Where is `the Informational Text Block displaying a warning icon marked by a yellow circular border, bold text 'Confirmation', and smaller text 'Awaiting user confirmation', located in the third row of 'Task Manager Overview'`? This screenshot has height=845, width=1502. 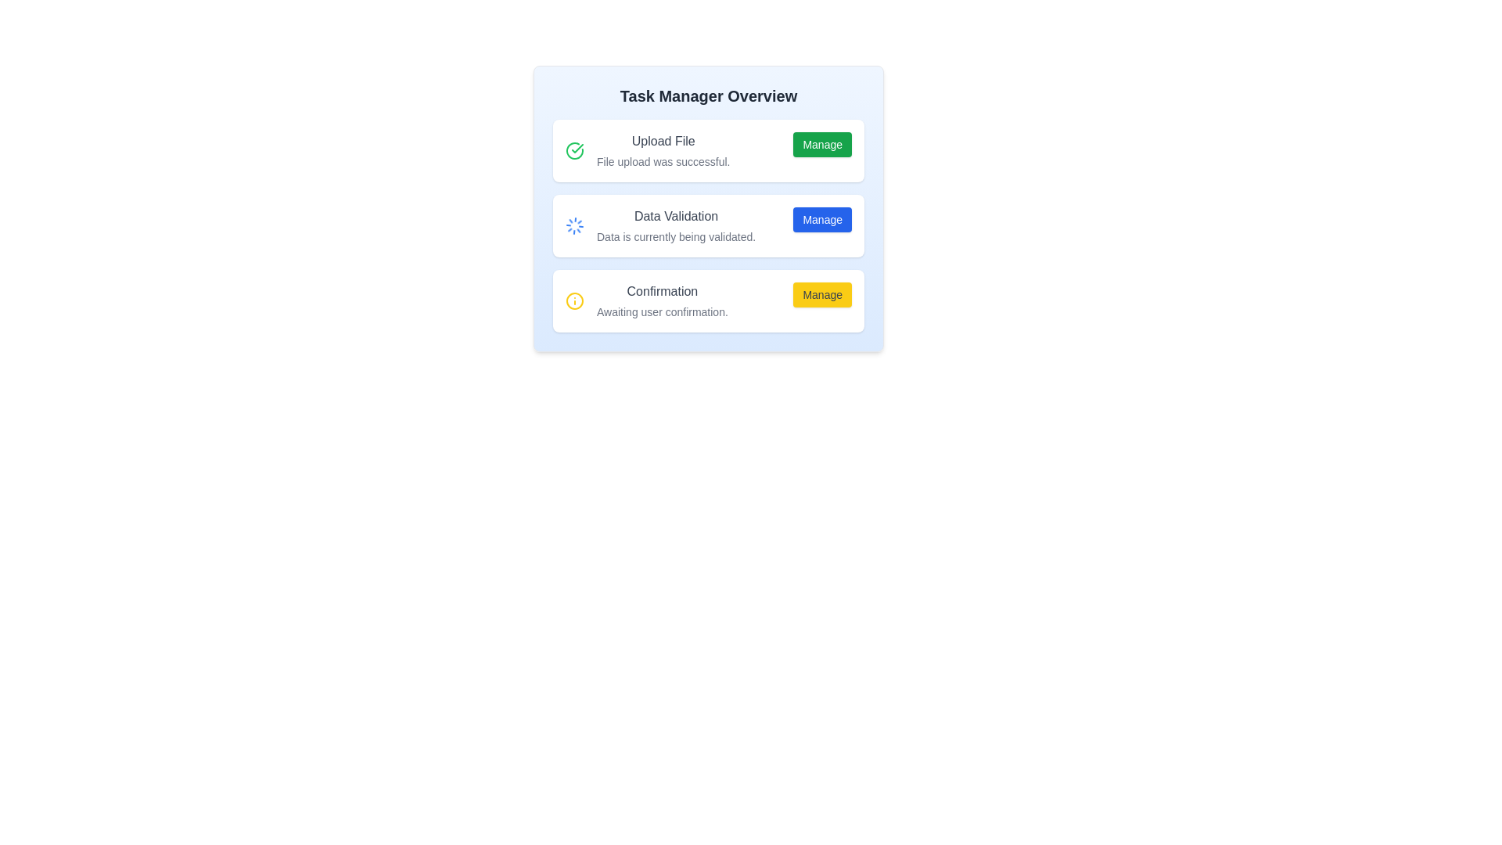
the Informational Text Block displaying a warning icon marked by a yellow circular border, bold text 'Confirmation', and smaller text 'Awaiting user confirmation', located in the third row of 'Task Manager Overview' is located at coordinates (646, 301).